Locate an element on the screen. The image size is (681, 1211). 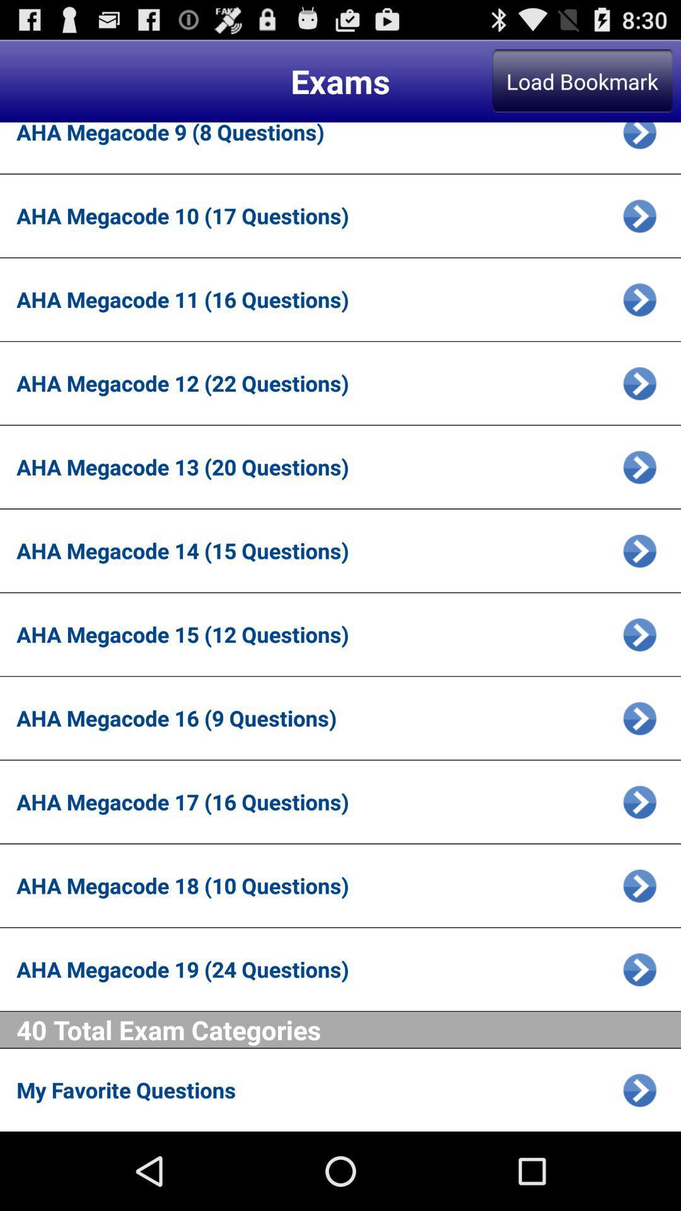
go to is located at coordinates (639, 299).